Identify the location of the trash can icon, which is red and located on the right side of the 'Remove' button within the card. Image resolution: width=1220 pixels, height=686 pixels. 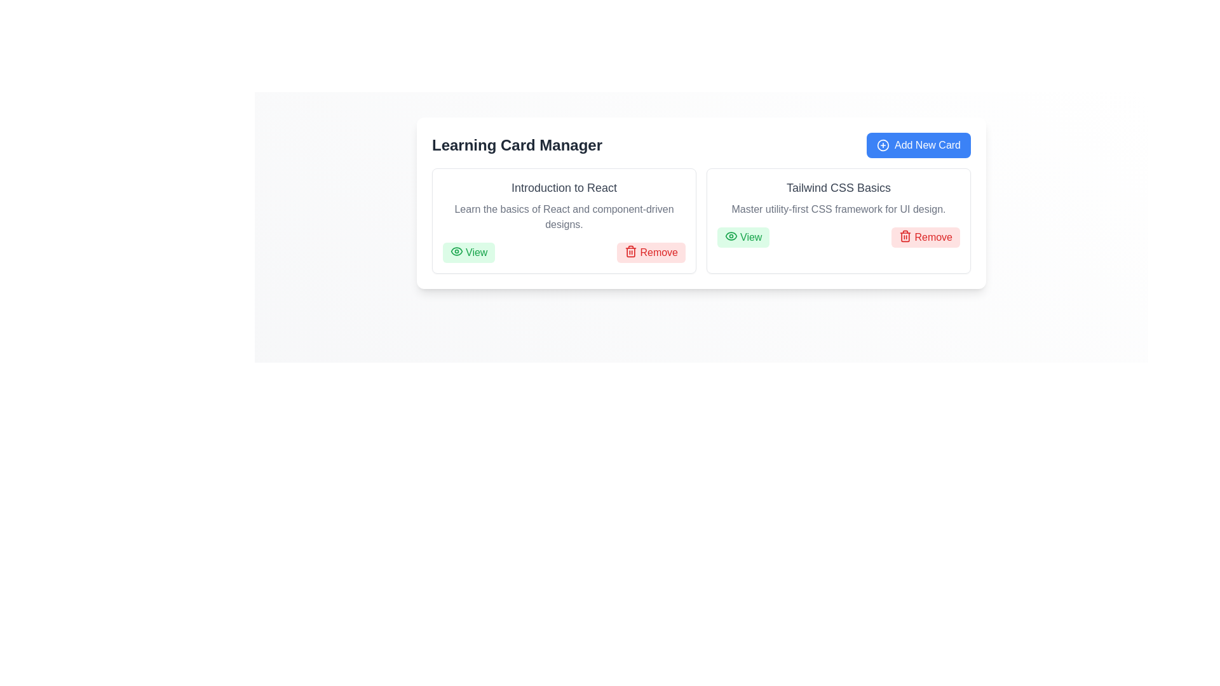
(905, 236).